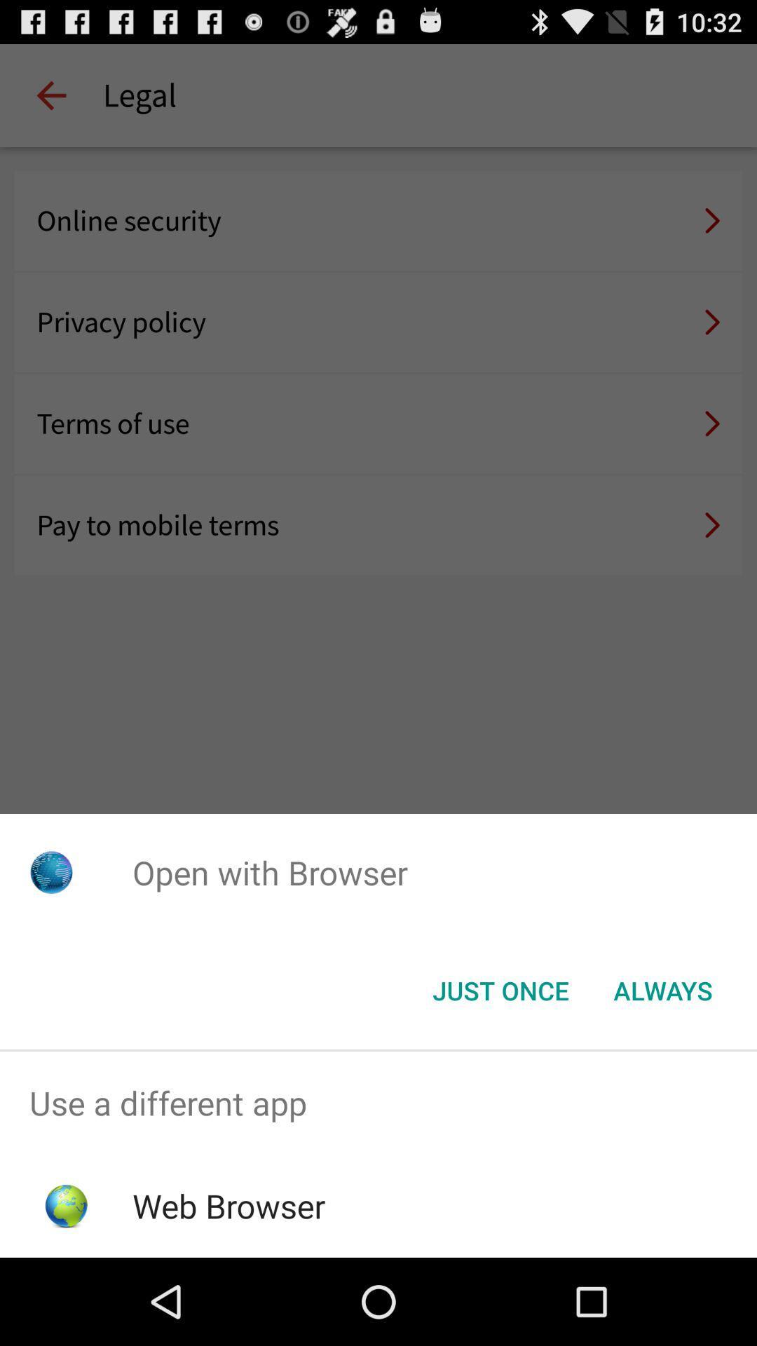  Describe the element at coordinates (378, 1102) in the screenshot. I see `icon above the web browser app` at that location.